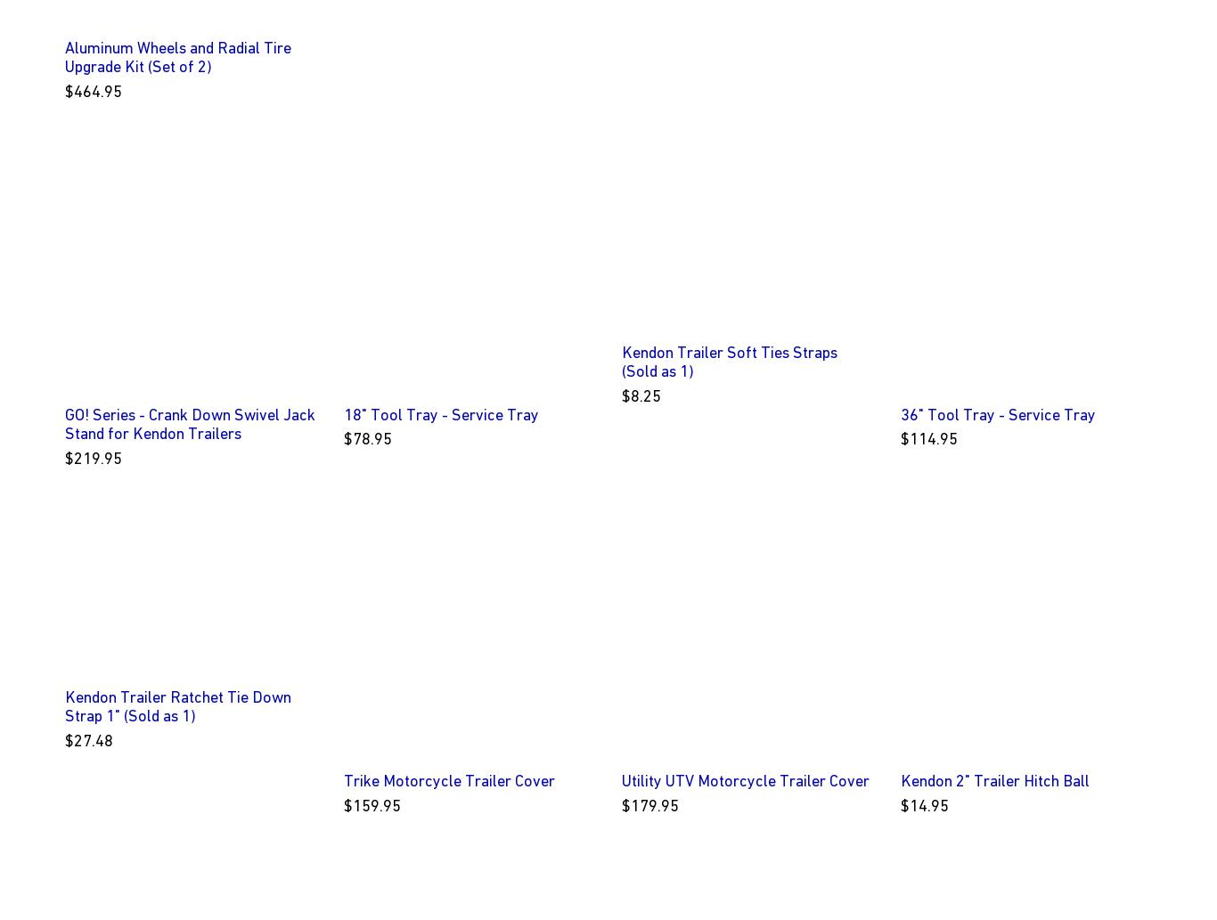 The image size is (1217, 920). I want to click on 'Kendon Trailer Soft Ties Straps (Sold as 1)', so click(729, 361).